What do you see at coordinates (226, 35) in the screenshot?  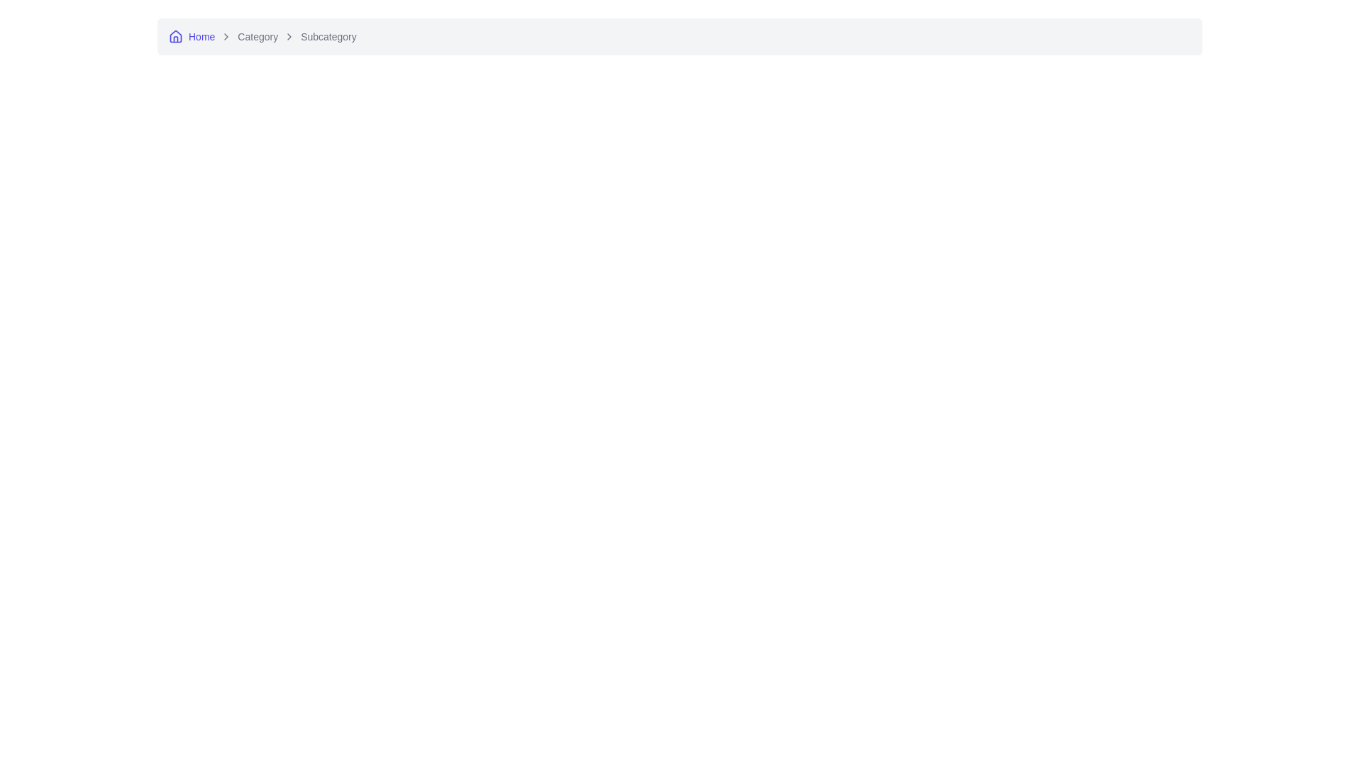 I see `the breadcrumb separator icon, which visually separates the 'Home' link and the 'Category' label, indicating navigation hierarchy` at bounding box center [226, 35].